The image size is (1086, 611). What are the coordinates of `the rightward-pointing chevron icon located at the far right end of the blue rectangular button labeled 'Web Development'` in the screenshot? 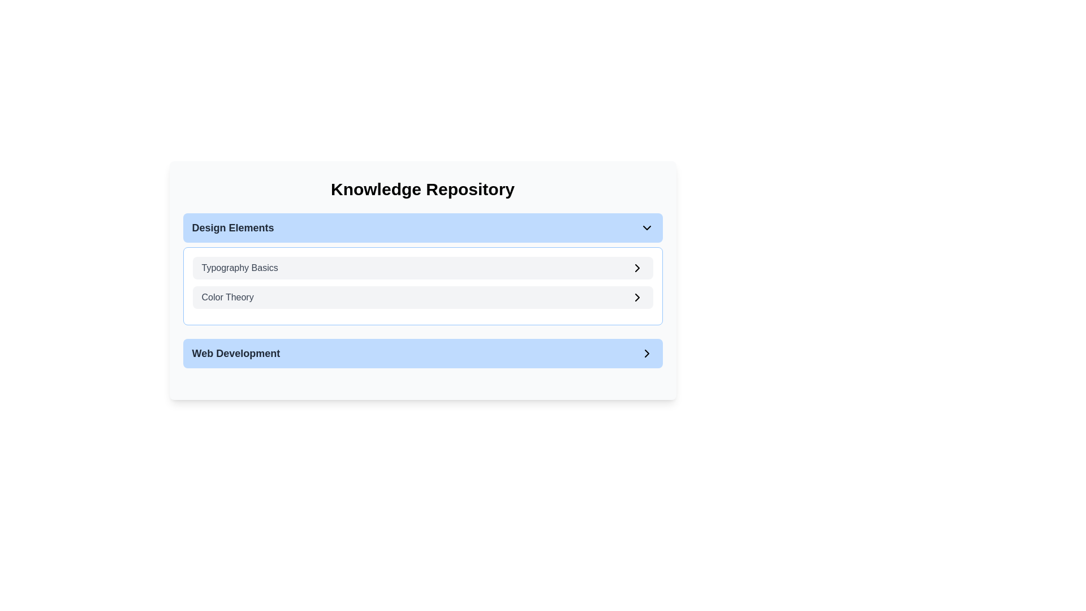 It's located at (647, 352).